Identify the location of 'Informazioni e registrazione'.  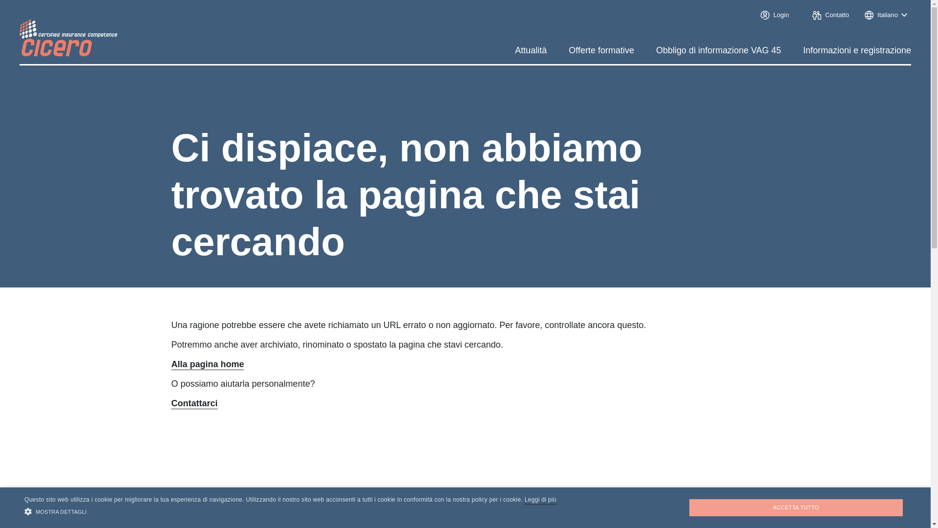
(856, 50).